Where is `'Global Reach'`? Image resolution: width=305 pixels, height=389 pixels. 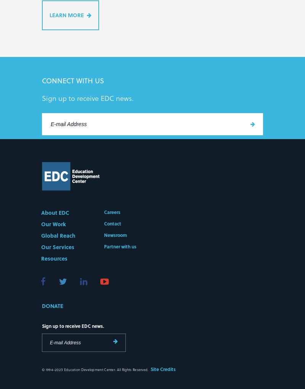 'Global Reach' is located at coordinates (58, 236).